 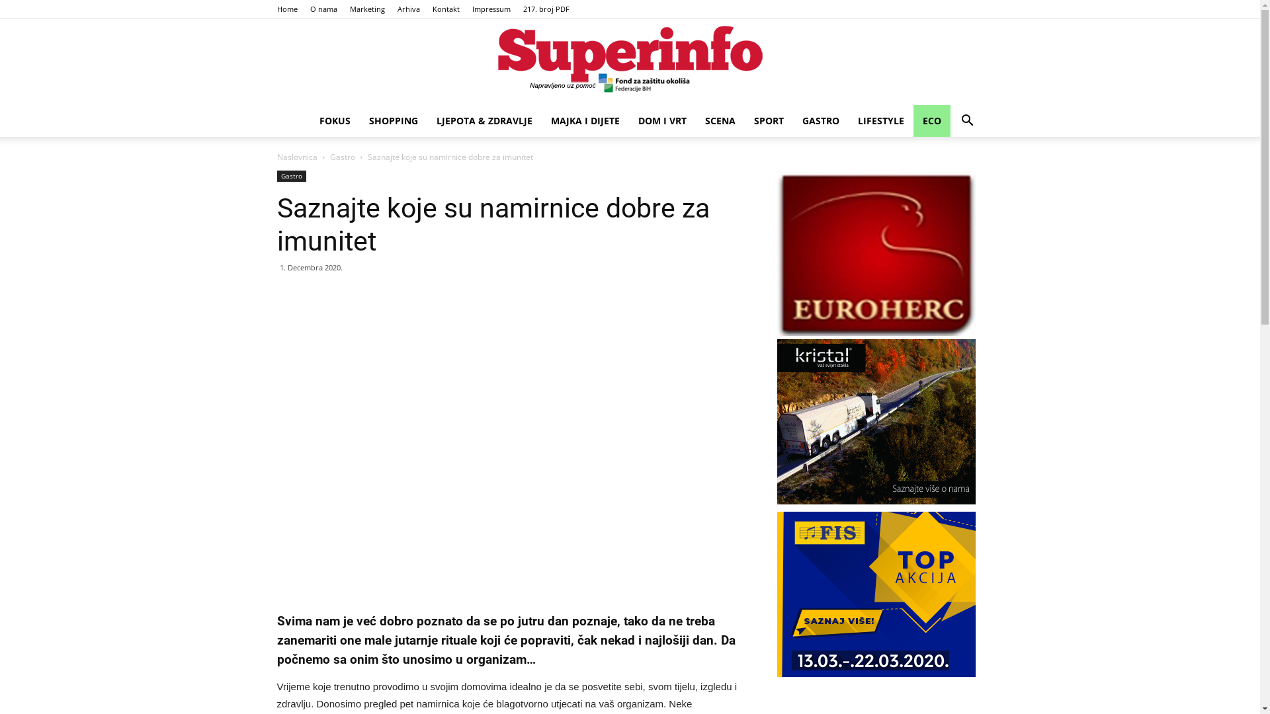 I want to click on 'GASTRO', so click(x=819, y=120).